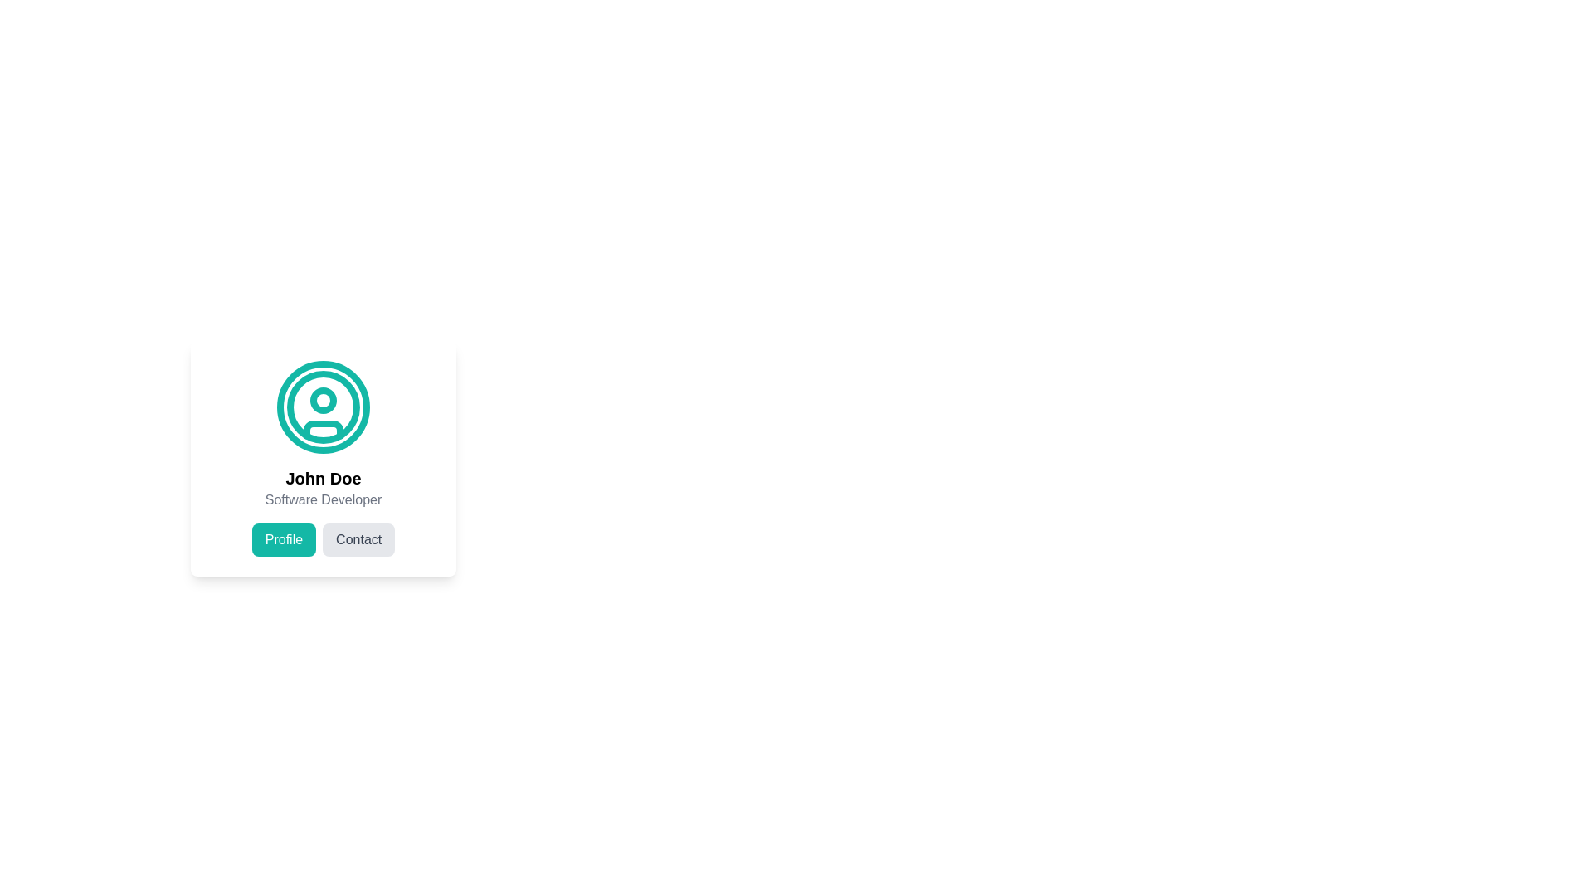 Image resolution: width=1593 pixels, height=896 pixels. Describe the element at coordinates (323, 407) in the screenshot. I see `the user profile icon located at the upper part of the card, directly above the text 'John Doe'` at that location.